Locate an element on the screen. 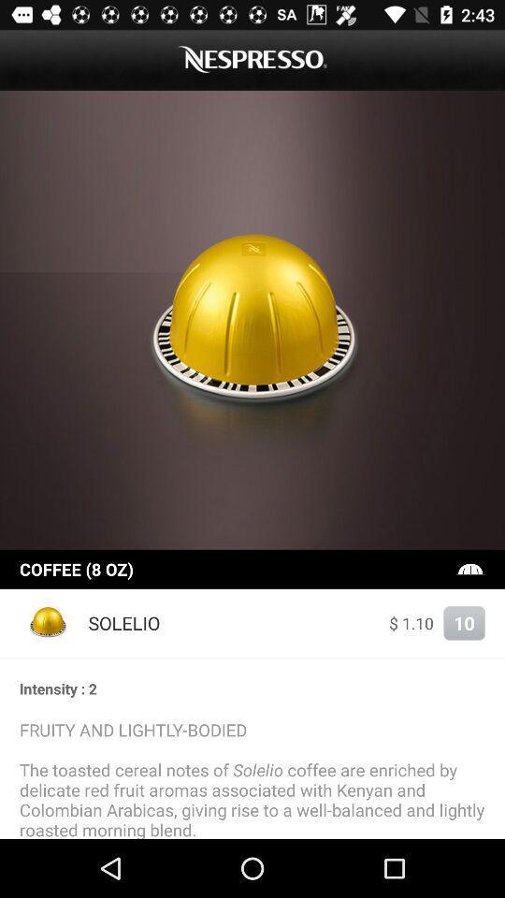 The height and width of the screenshot is (898, 505). item above the intensity : 2 is located at coordinates (252, 658).